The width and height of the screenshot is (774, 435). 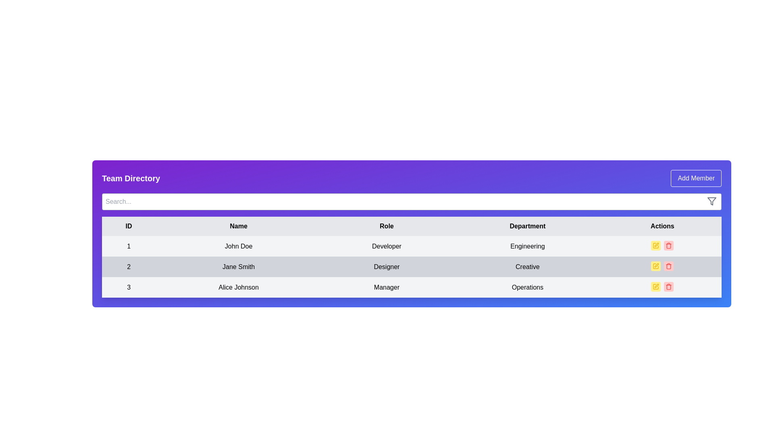 I want to click on the first cell of the fourth row in the 'Team Directory' table, so click(x=128, y=287).